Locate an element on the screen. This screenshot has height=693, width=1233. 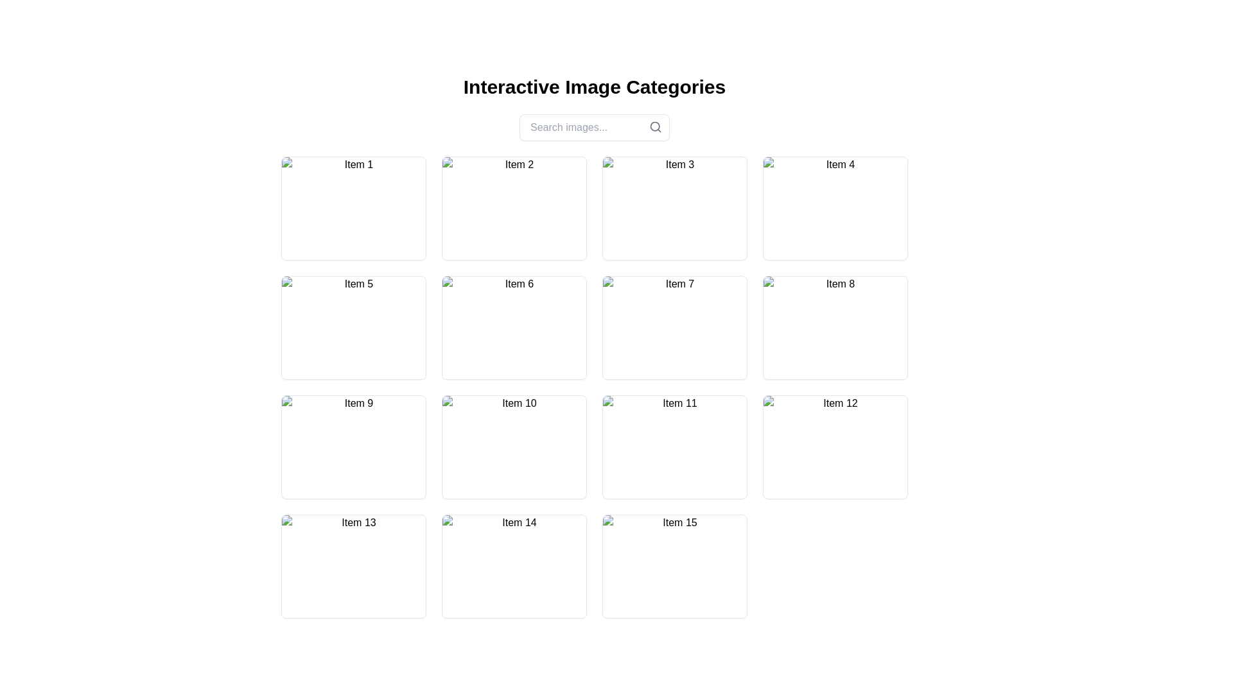
the image representing 'Item 13' located at the bottom-left of a three-row grid layout is located at coordinates (354, 566).